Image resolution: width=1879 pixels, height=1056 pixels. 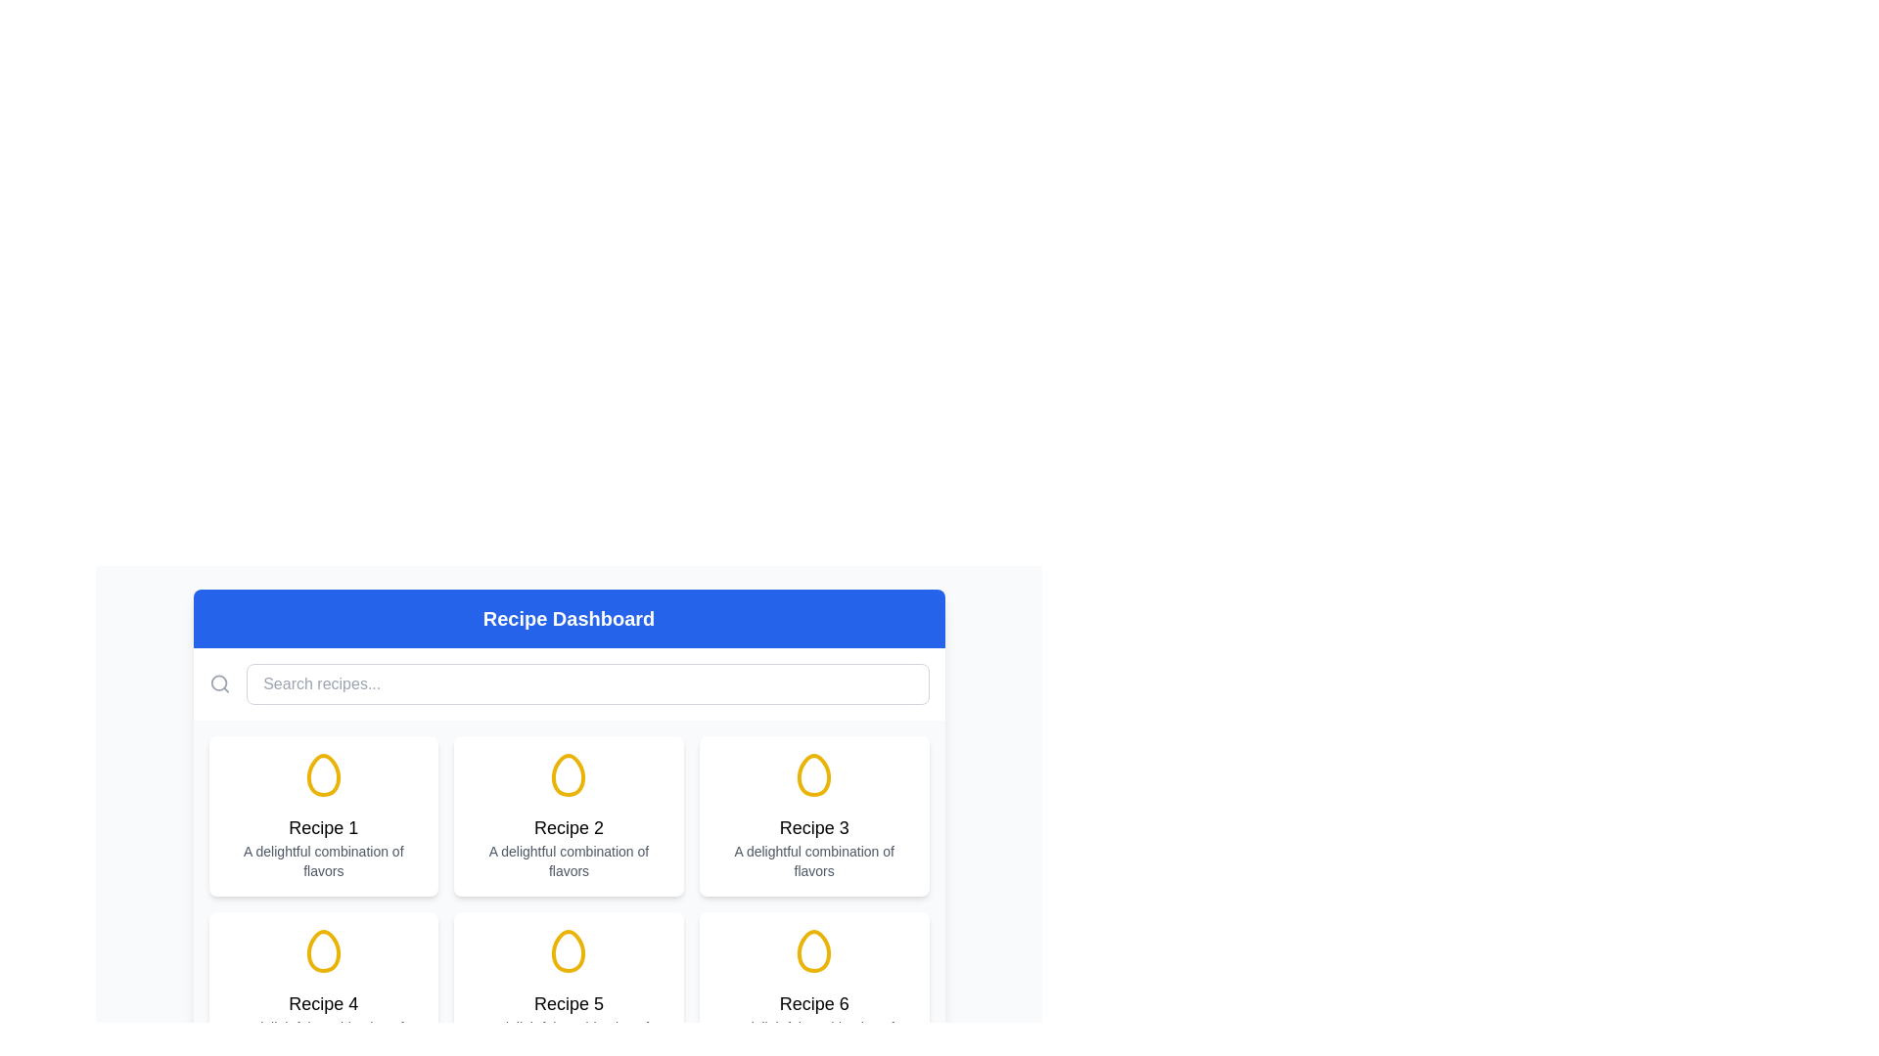 I want to click on the decorative icon for the 'Recipe 5' card, which is located above the card title in the second row of the grid layout, so click(x=568, y=949).